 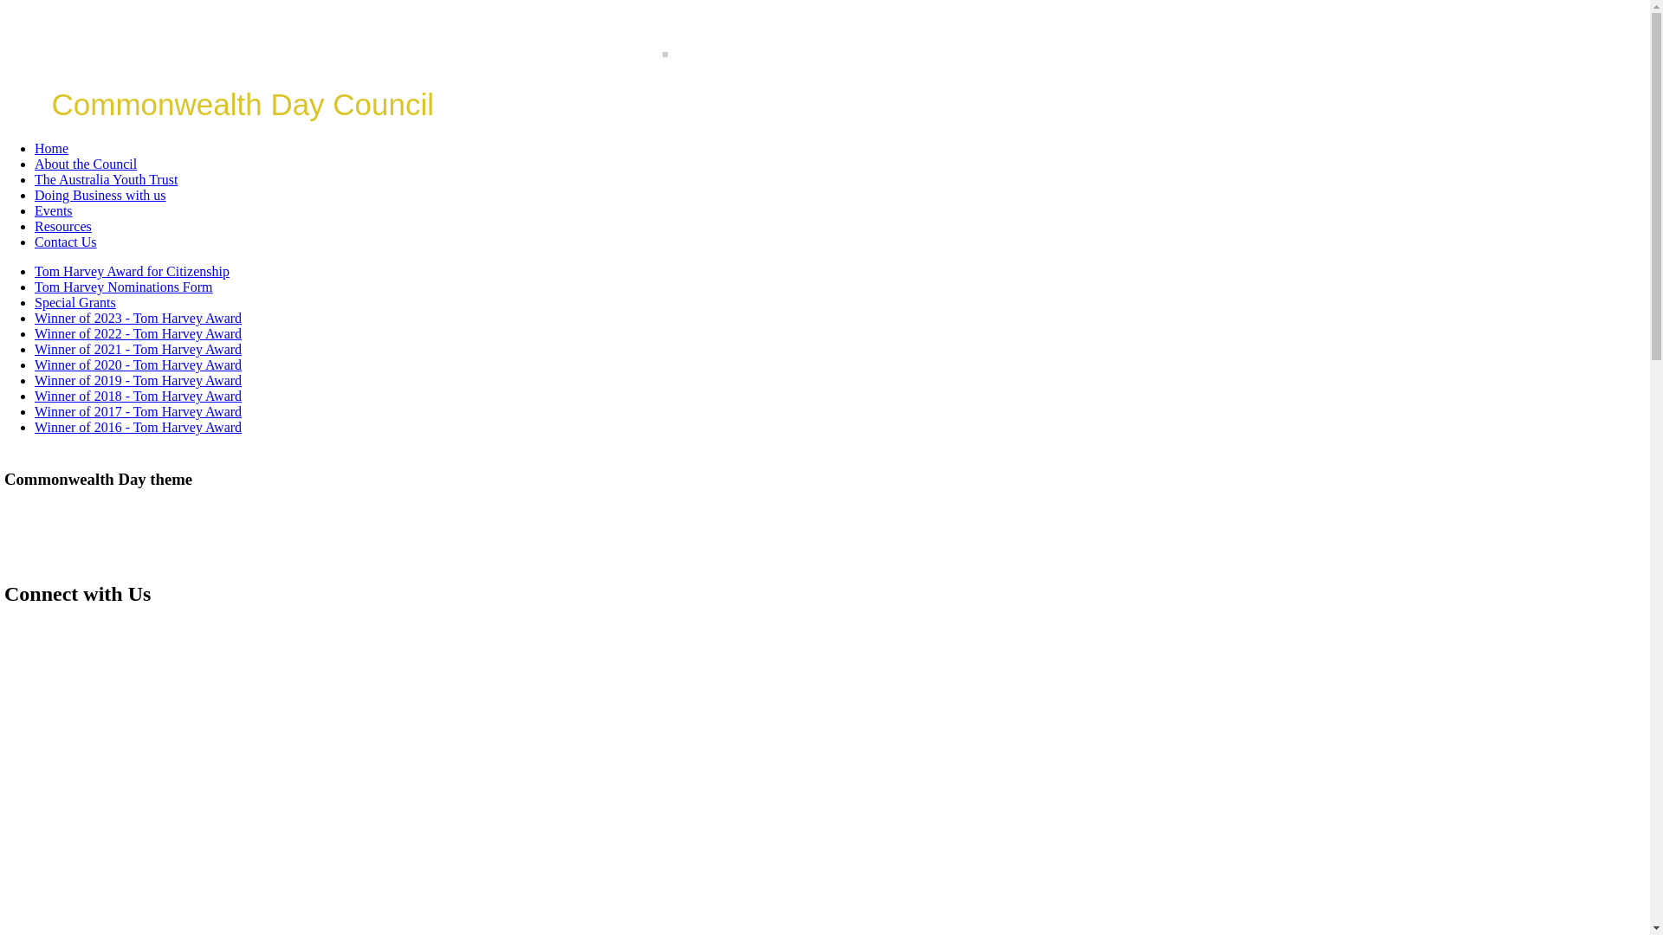 I want to click on 'Contact Us', so click(x=66, y=242).